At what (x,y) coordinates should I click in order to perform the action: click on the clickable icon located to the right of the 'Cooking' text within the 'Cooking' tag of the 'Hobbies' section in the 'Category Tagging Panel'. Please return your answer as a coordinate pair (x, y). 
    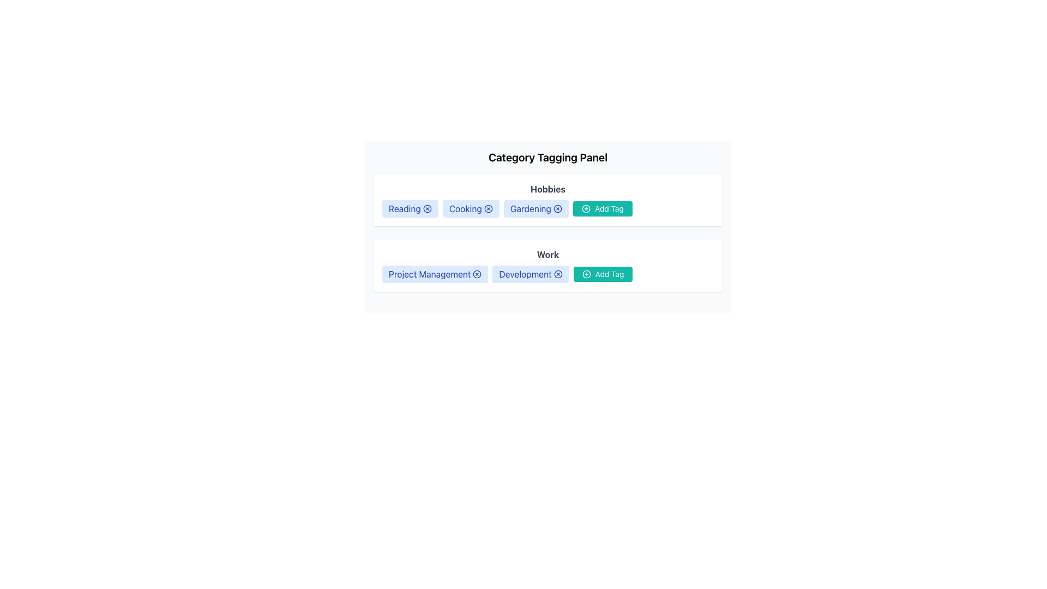
    Looking at the image, I should click on (488, 208).